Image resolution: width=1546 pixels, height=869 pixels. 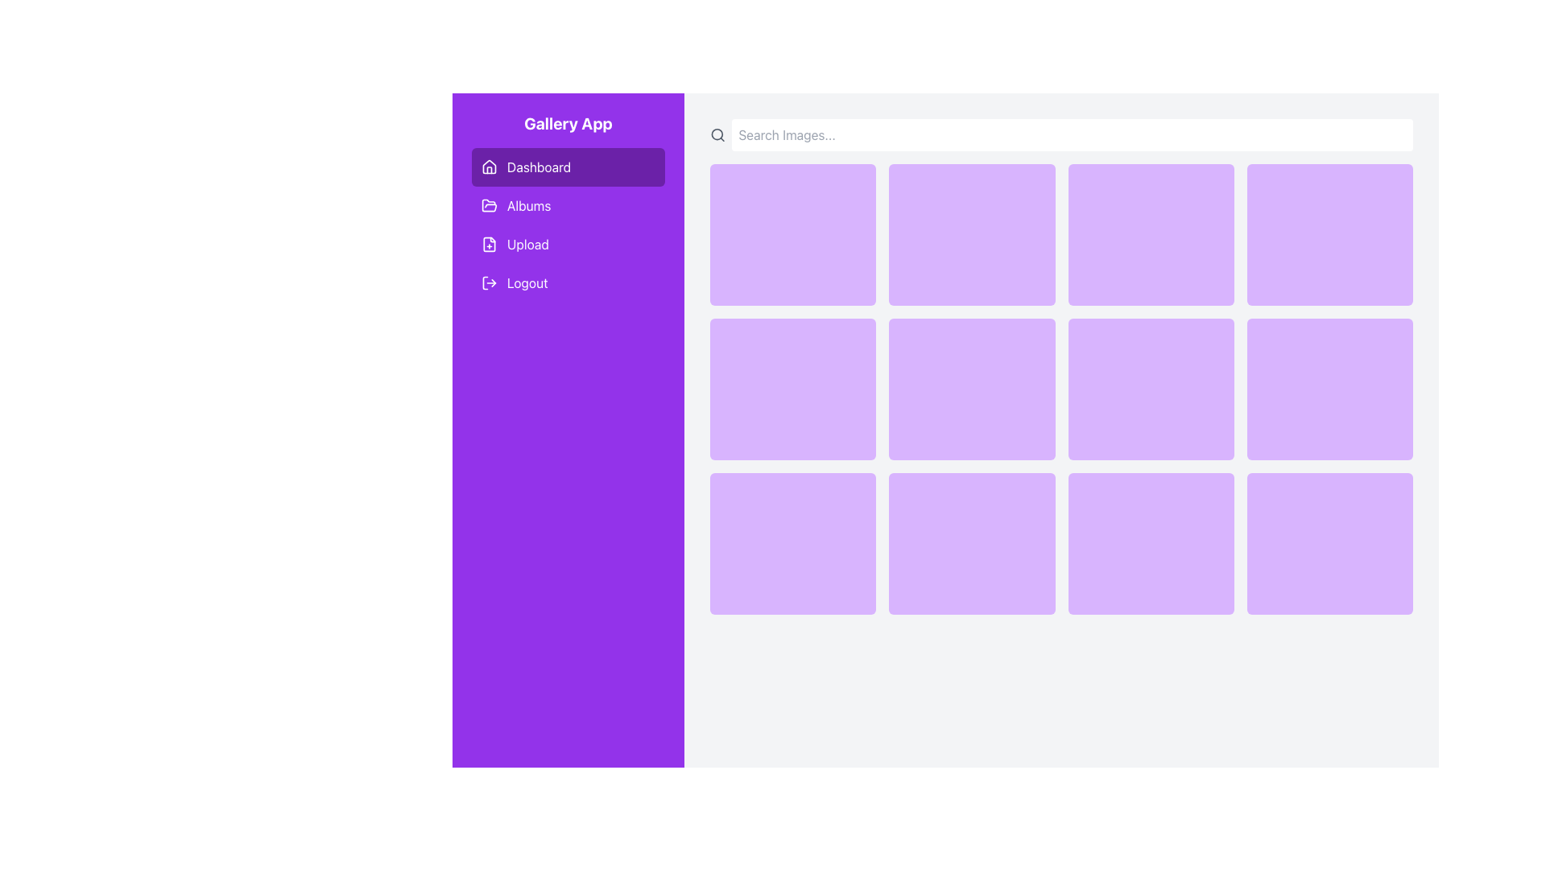 I want to click on the circular portion of the magnifying glass icon, which represents search functionality, positioned to the left of the search bar, so click(x=716, y=134).